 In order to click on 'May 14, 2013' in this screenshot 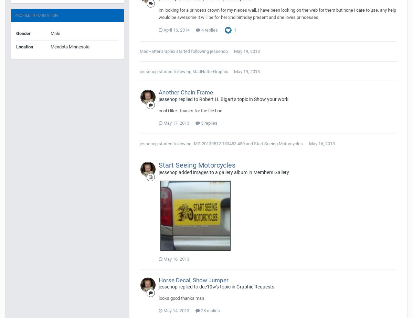, I will do `click(176, 310)`.